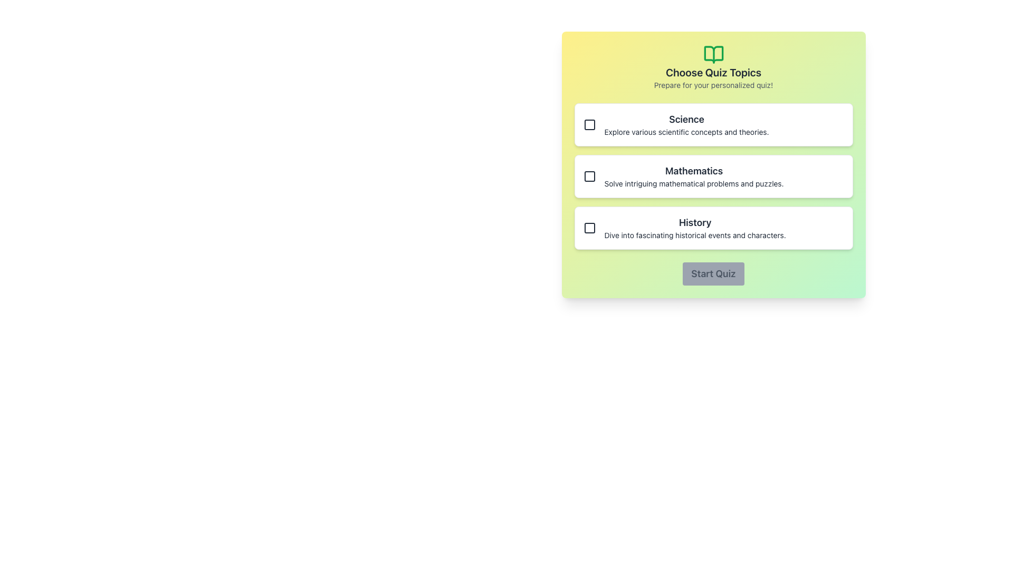 This screenshot has width=1013, height=569. Describe the element at coordinates (589, 176) in the screenshot. I see `the square UI shape integrated within the checkbox for the 'Mathematics' quiz topic, which is the second item in the vertical list of topic options` at that location.